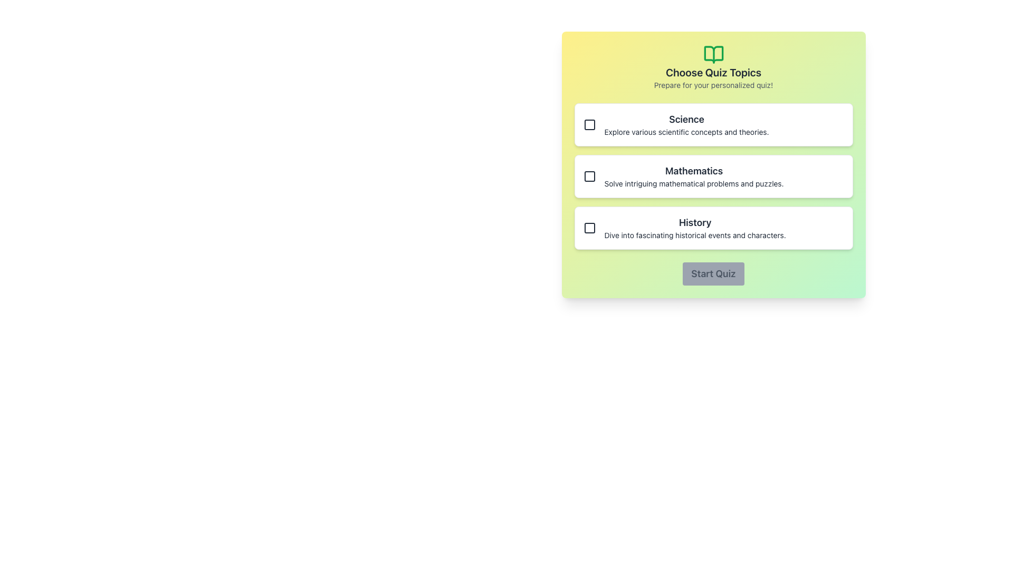 This screenshot has width=1013, height=569. Describe the element at coordinates (589, 176) in the screenshot. I see `the square UI shape integrated within the checkbox for the 'Mathematics' quiz topic, which is the second item in the vertical list of topic options` at that location.